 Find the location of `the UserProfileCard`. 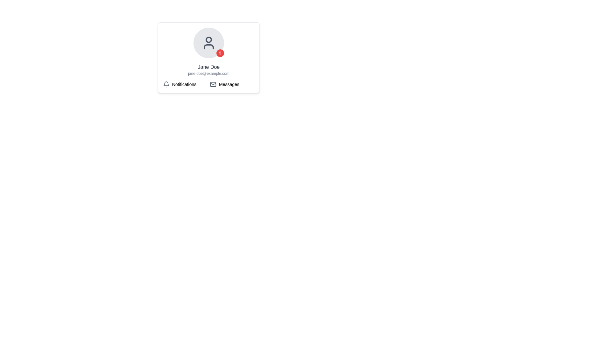

the UserProfileCard is located at coordinates (208, 58).